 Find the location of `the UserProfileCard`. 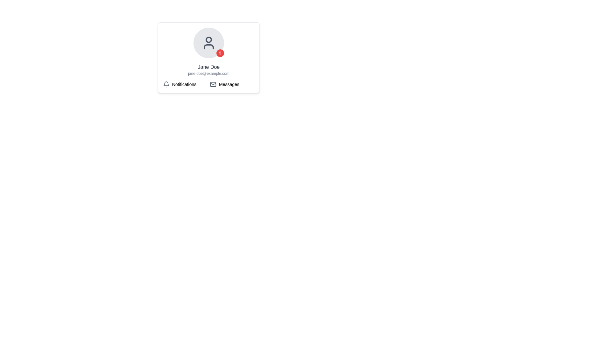

the UserProfileCard is located at coordinates (208, 58).